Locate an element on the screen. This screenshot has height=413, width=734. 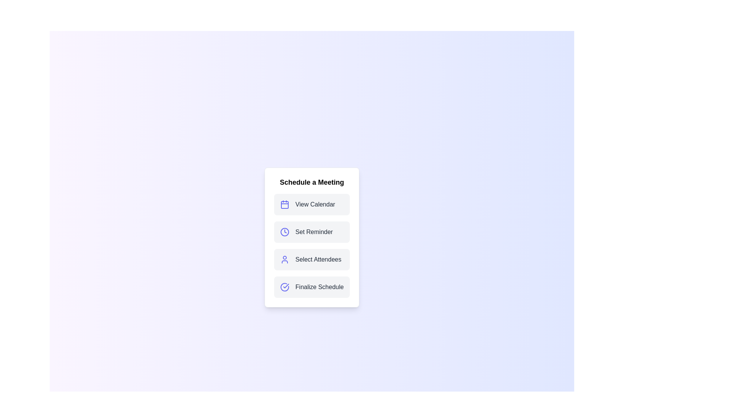
the View Calendar menu option to trigger its action is located at coordinates (312, 204).